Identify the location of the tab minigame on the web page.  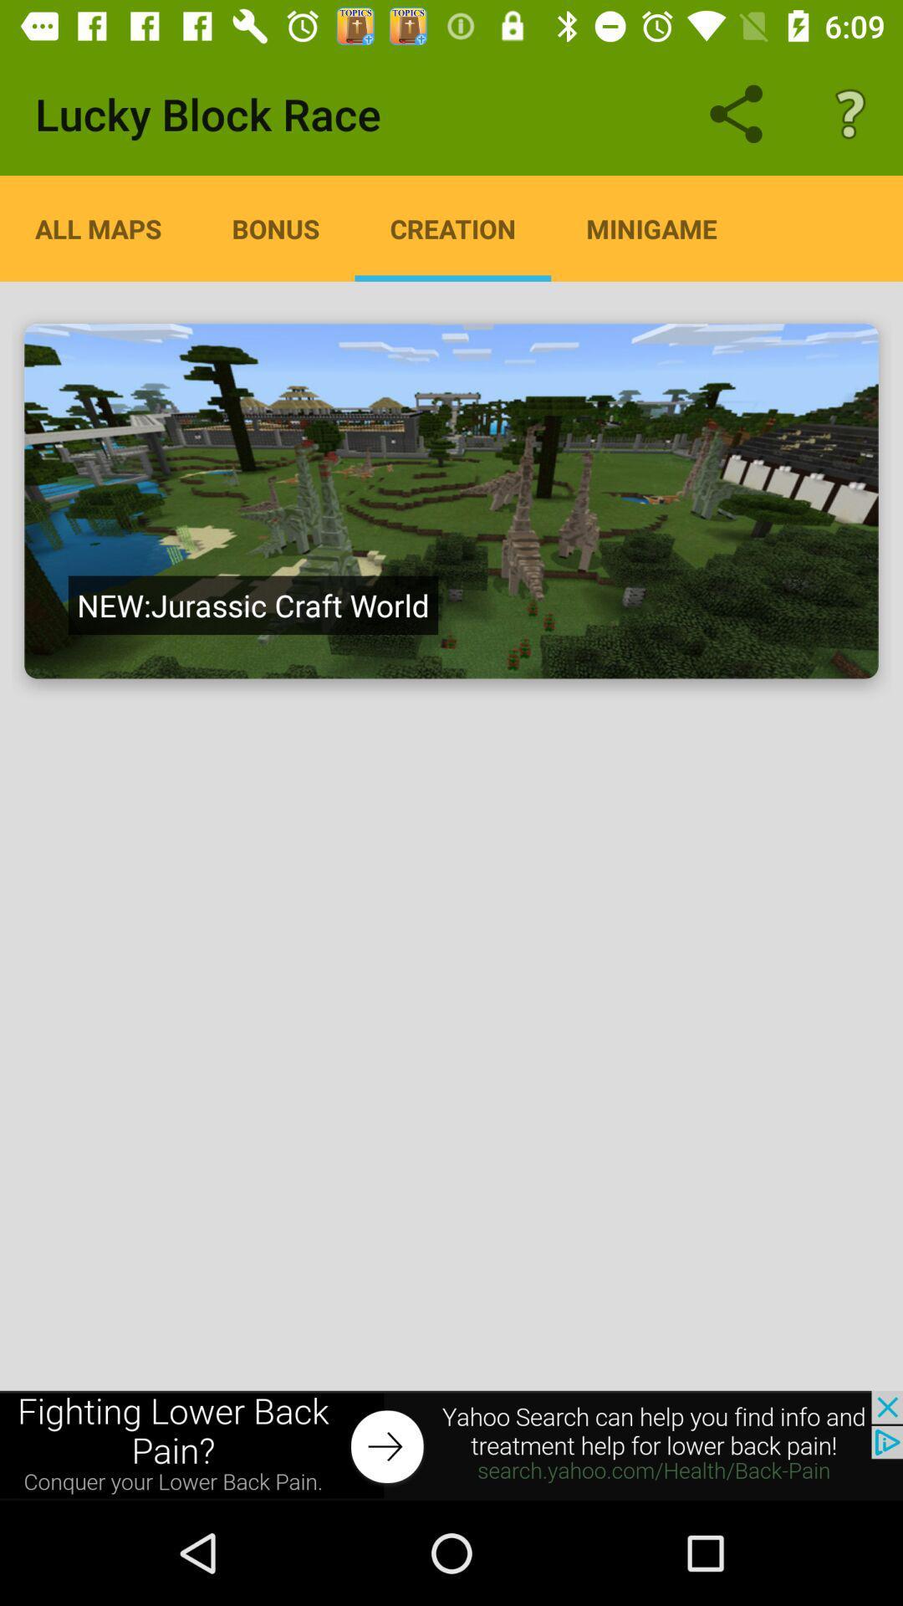
(650, 228).